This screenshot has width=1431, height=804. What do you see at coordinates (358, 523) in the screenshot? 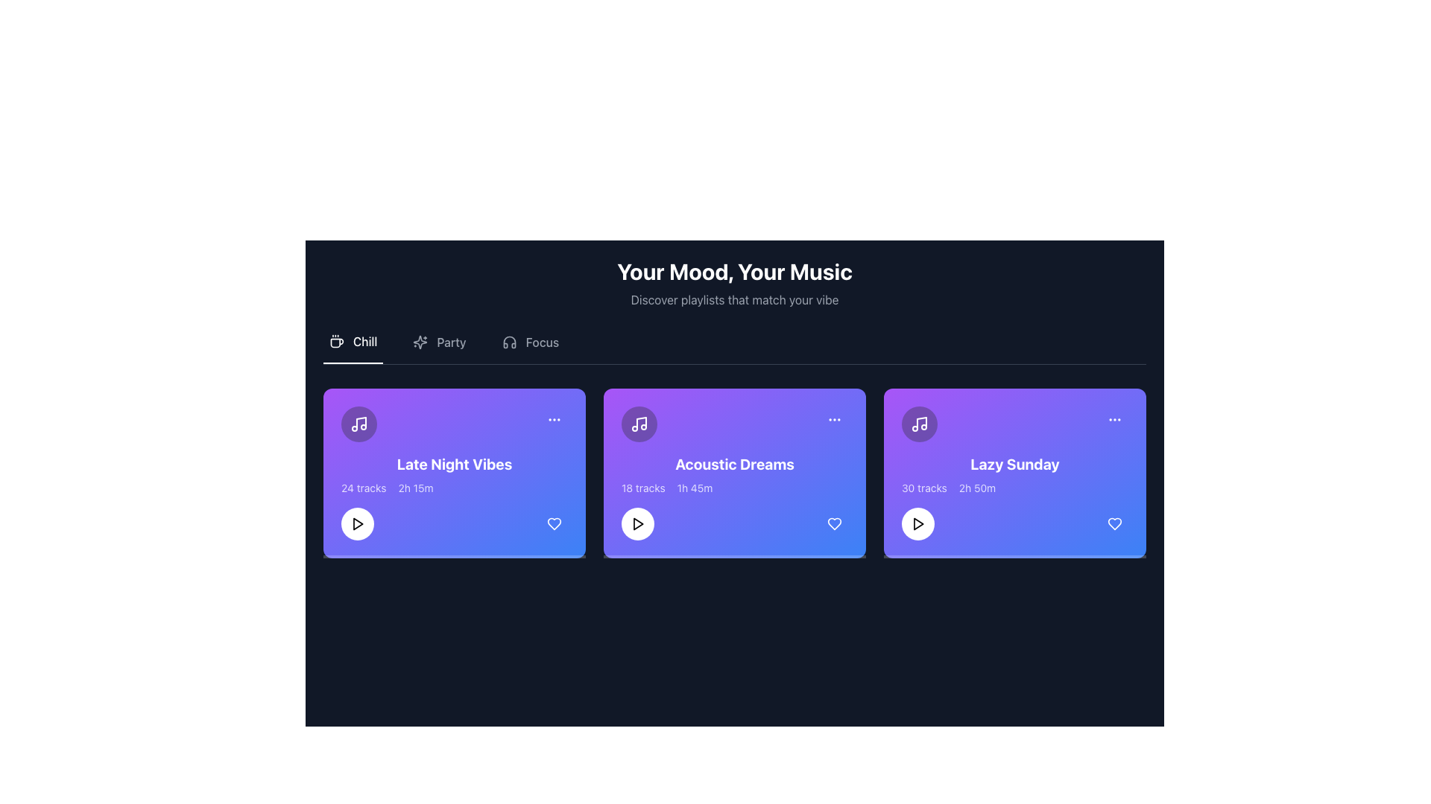
I see `the circular play button with a white background and black play icon located in the bottom-left section of the 'Late Night Vibes' music card` at bounding box center [358, 523].